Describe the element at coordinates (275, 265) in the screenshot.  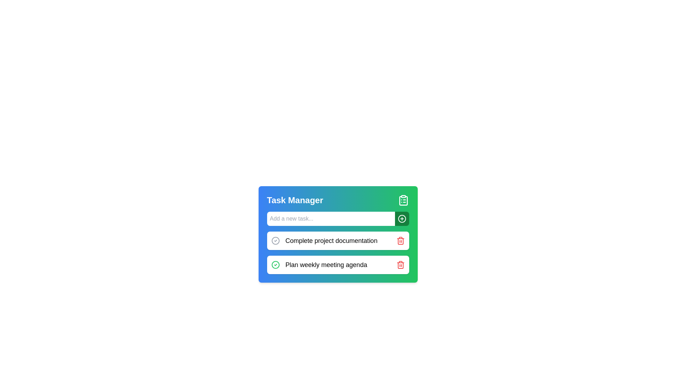
I see `the central part of the circular checkmark icon indicating task completion, which is positioned to the left of the task title 'Complete project documentation'` at that location.